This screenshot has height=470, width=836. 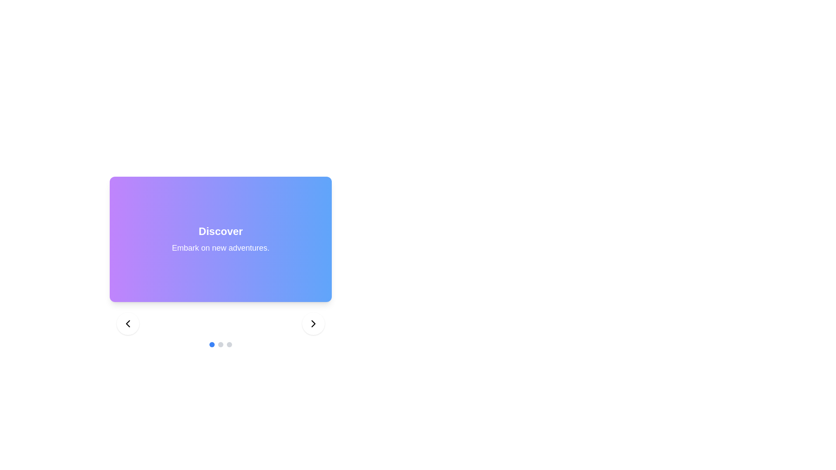 I want to click on the next item navigation button located at the bottom-right corner of the navigation section, so click(x=313, y=324).